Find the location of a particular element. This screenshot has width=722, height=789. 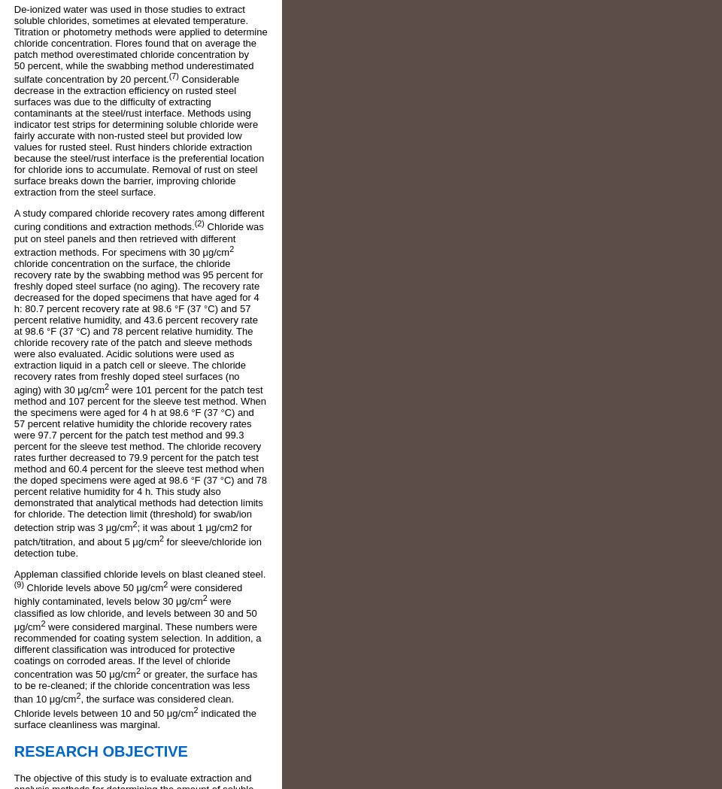

'(7)' is located at coordinates (173, 75).